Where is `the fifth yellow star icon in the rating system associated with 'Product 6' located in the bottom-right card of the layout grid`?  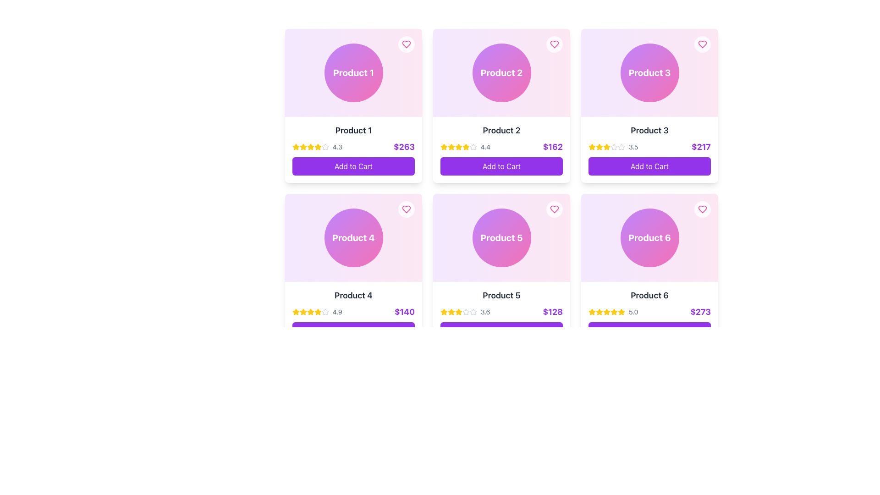
the fifth yellow star icon in the rating system associated with 'Product 6' located in the bottom-right card of the layout grid is located at coordinates (592, 311).